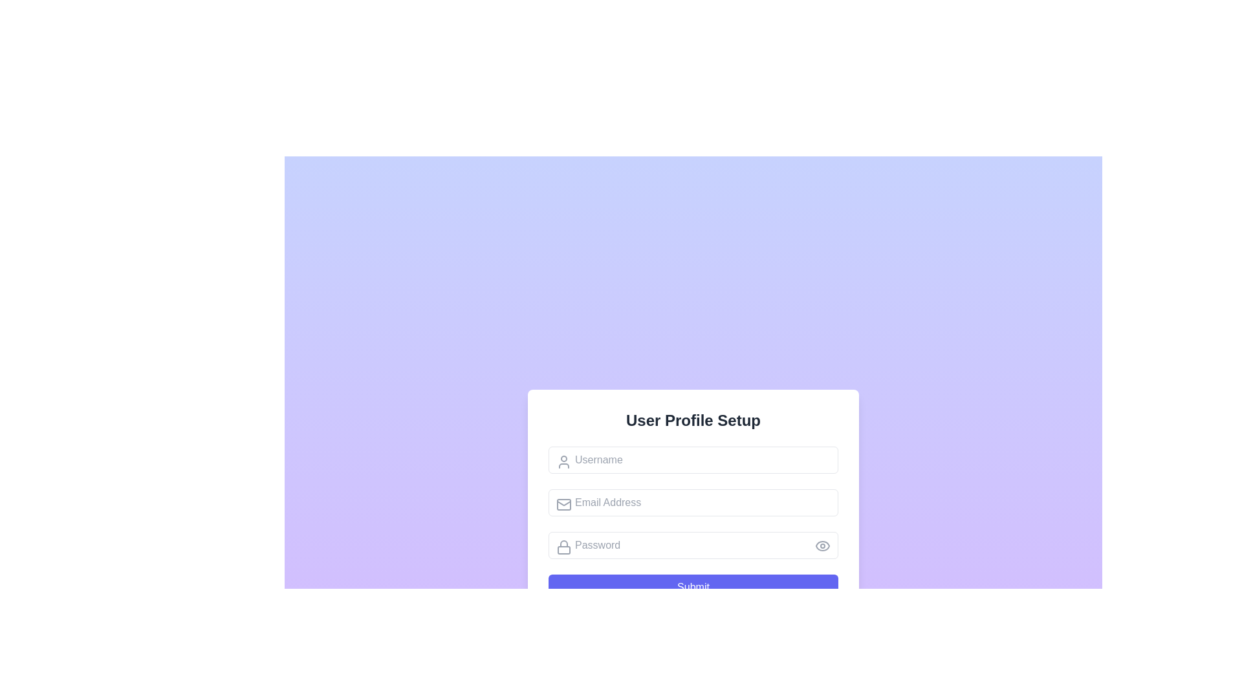 The height and width of the screenshot is (698, 1242). Describe the element at coordinates (564, 461) in the screenshot. I see `the icon located to the far left of the 'Username' input field` at that location.